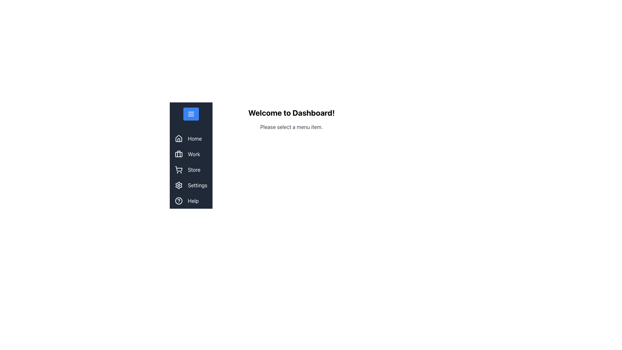 The width and height of the screenshot is (622, 350). What do you see at coordinates (191, 154) in the screenshot?
I see `the 'Work' button in the vertical navigation menu` at bounding box center [191, 154].